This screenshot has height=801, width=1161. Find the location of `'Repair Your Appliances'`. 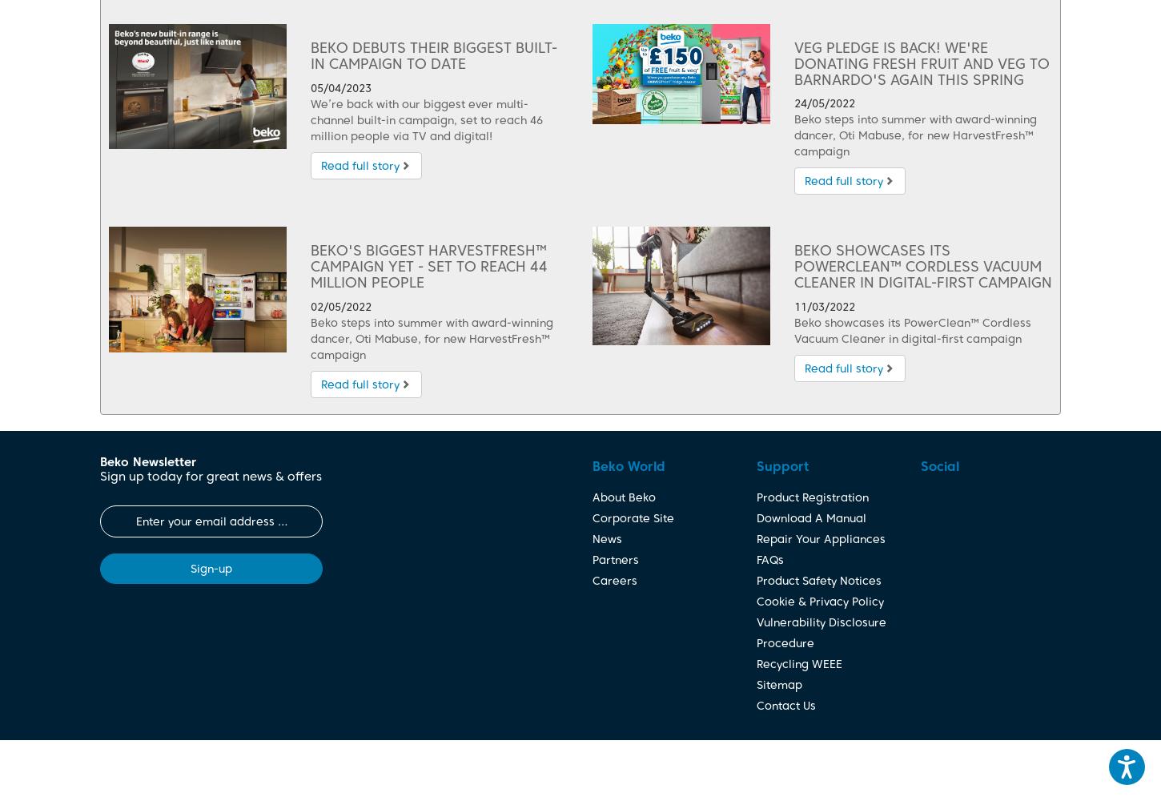

'Repair Your Appliances' is located at coordinates (821, 538).